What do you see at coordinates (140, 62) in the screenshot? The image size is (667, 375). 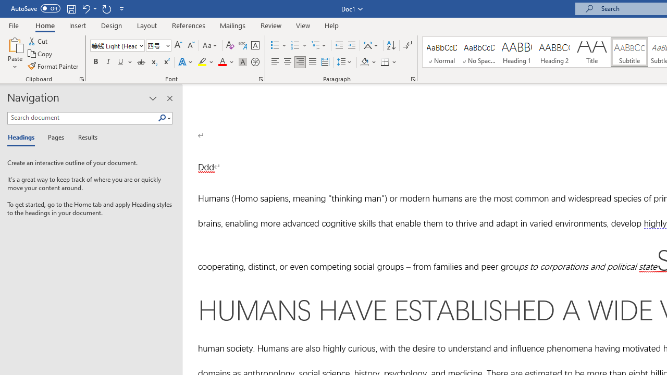 I see `'Strikethrough'` at bounding box center [140, 62].